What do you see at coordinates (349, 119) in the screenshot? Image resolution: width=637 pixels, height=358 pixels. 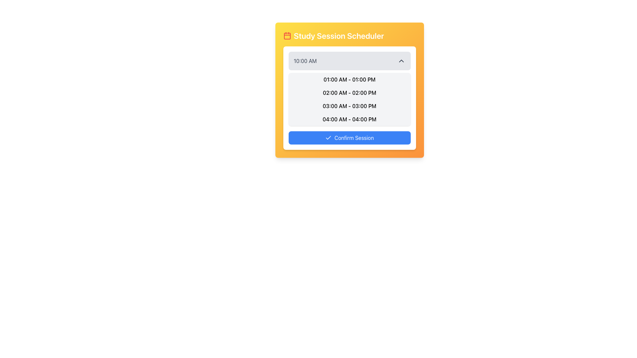 I see `the time range option '04:00 AM - 04:00 PM' in the dropdown menu, which is the fourth item listed and located within the main content area of the scheduler widget` at bounding box center [349, 119].